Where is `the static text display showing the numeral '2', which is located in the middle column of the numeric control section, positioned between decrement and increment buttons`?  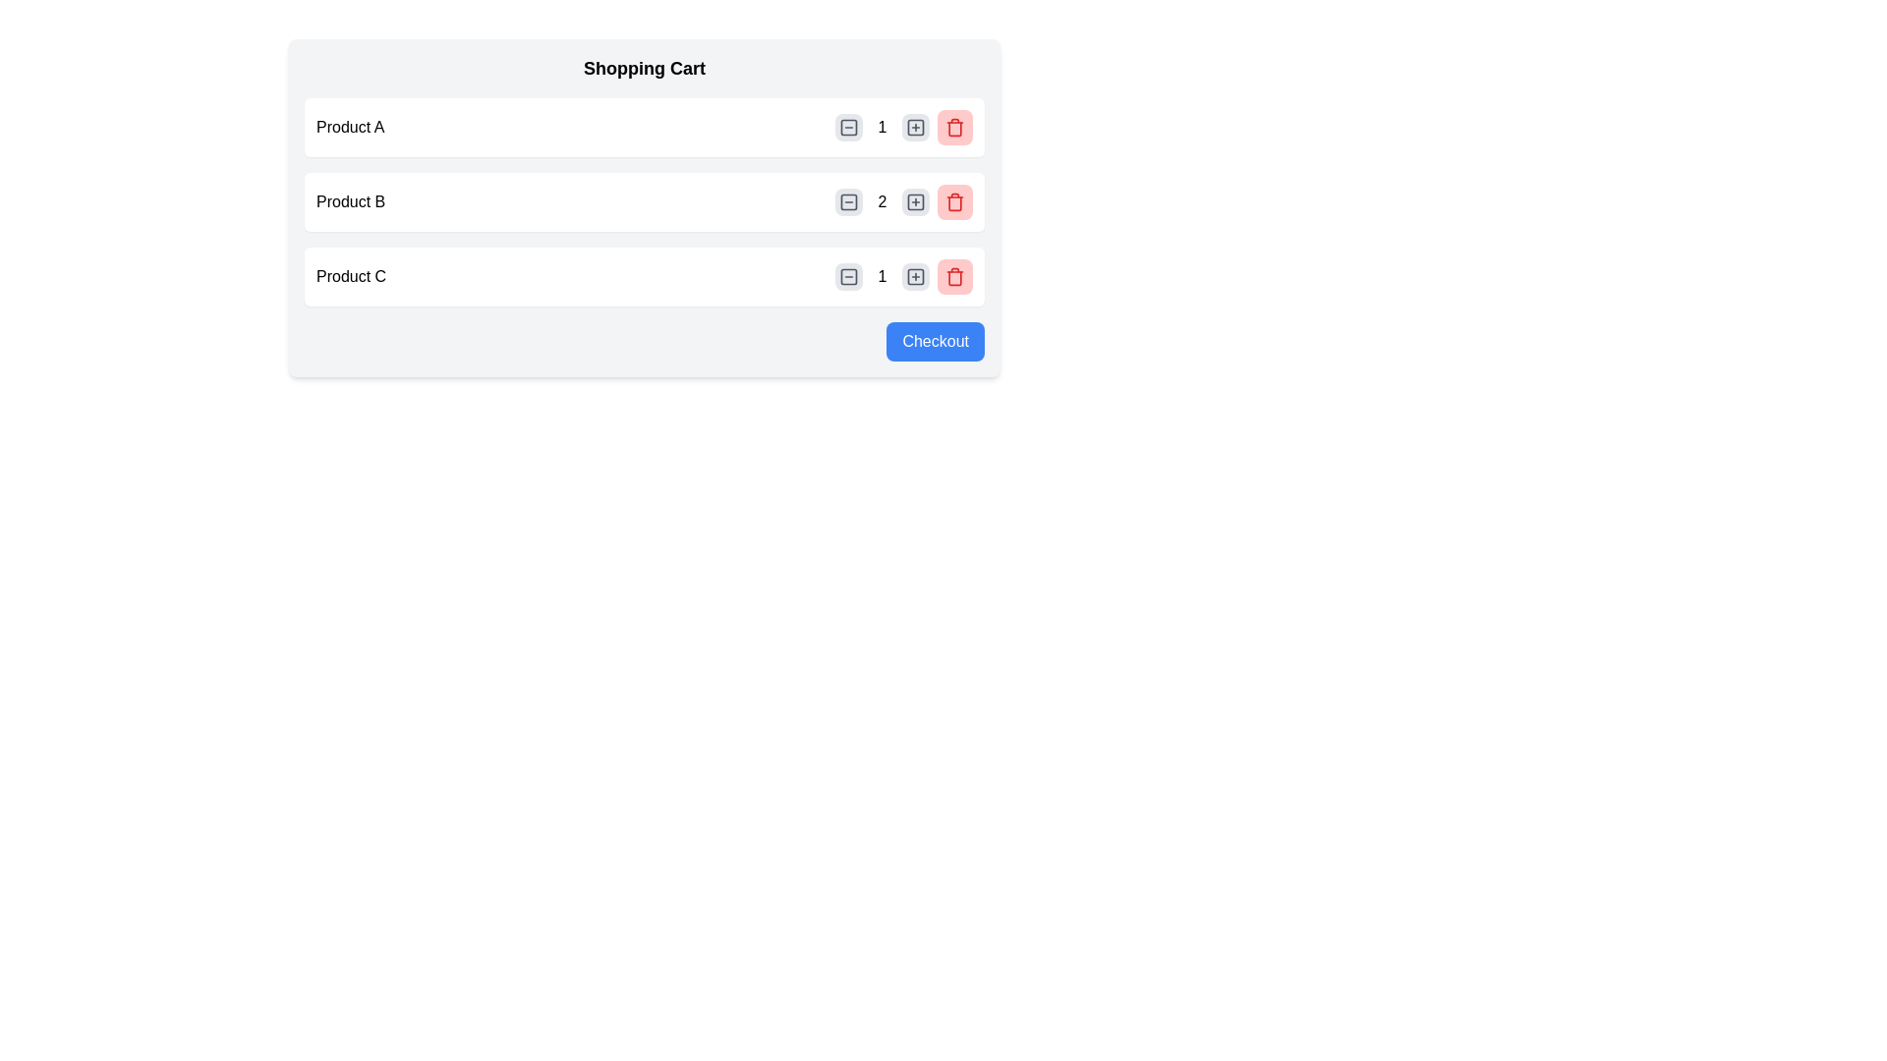
the static text display showing the numeral '2', which is located in the middle column of the numeric control section, positioned between decrement and increment buttons is located at coordinates (881, 201).